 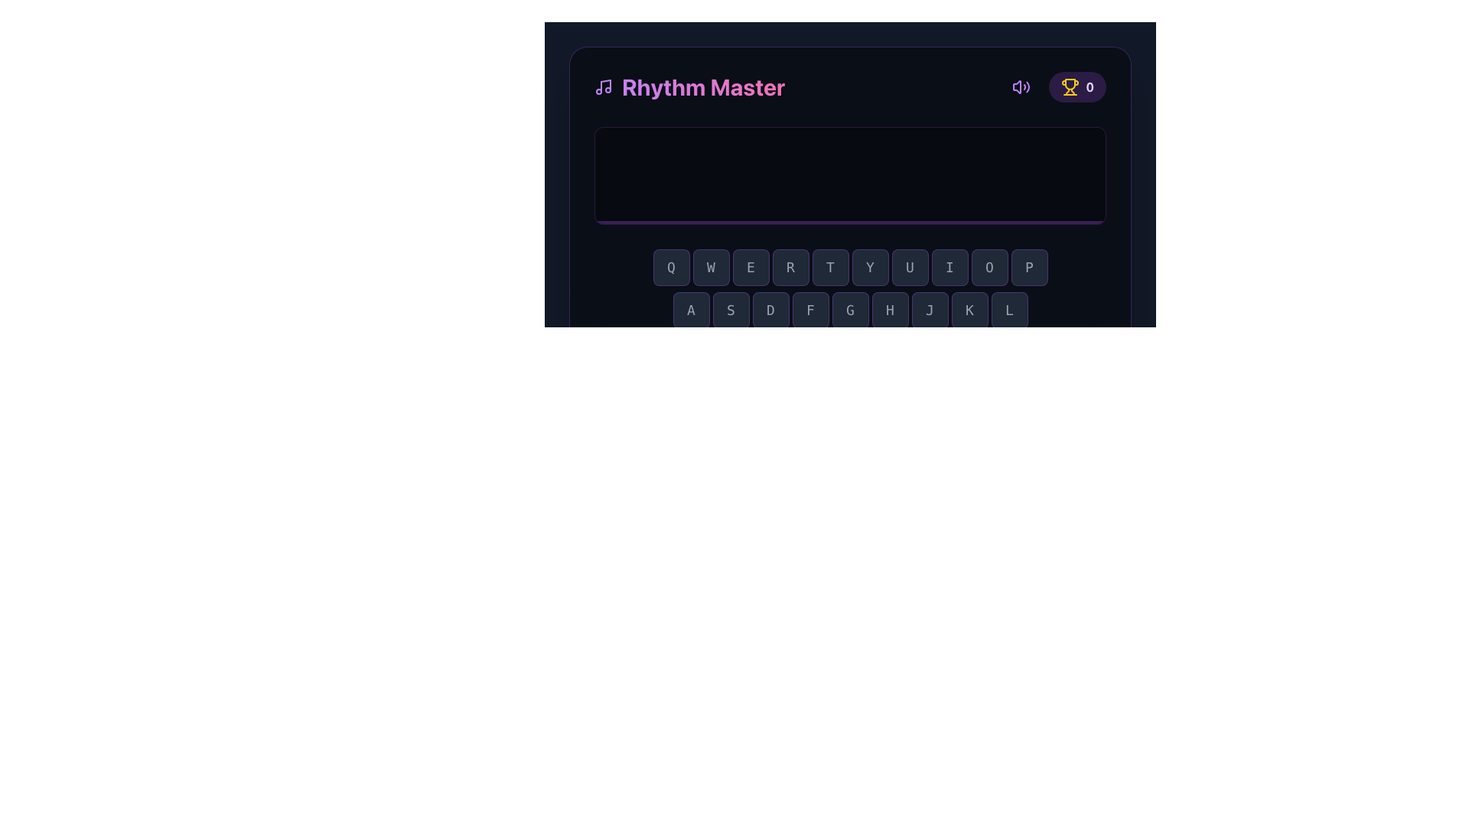 What do you see at coordinates (829, 267) in the screenshot?
I see `the virtual keyboard button for the letter 'T', which is the fifth key in the row beneath the text input box labeled 'Rhythm Master'` at bounding box center [829, 267].